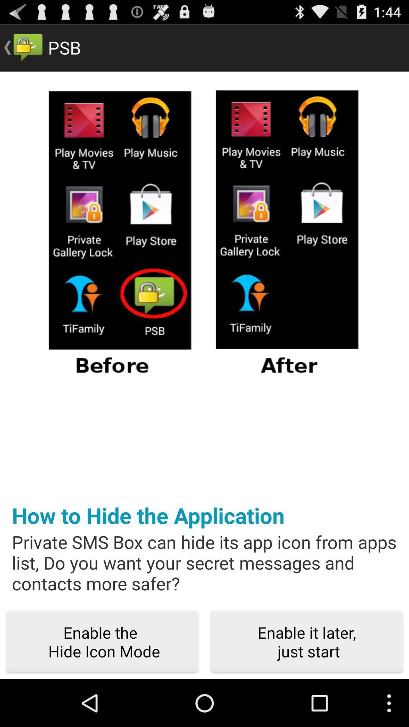  I want to click on enable it later item, so click(307, 642).